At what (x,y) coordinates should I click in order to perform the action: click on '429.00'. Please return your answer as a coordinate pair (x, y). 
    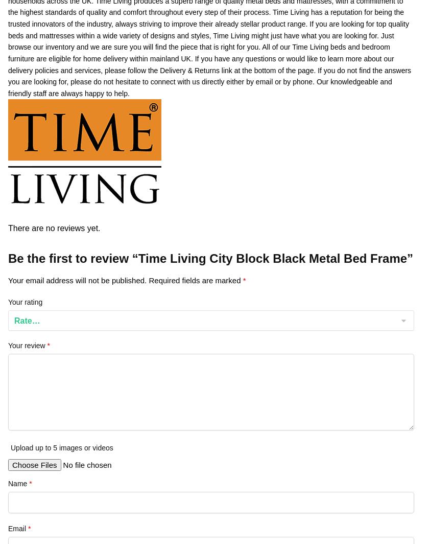
    Looking at the image, I should click on (394, 52).